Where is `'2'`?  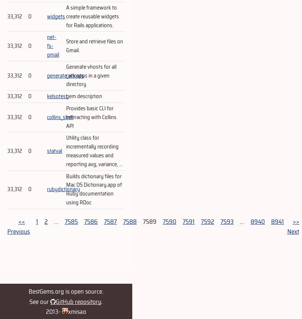 '2' is located at coordinates (46, 221).